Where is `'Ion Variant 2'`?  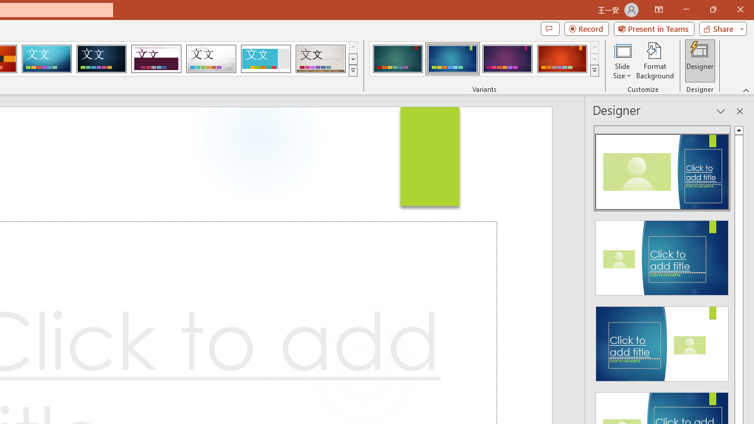
'Ion Variant 2' is located at coordinates (452, 59).